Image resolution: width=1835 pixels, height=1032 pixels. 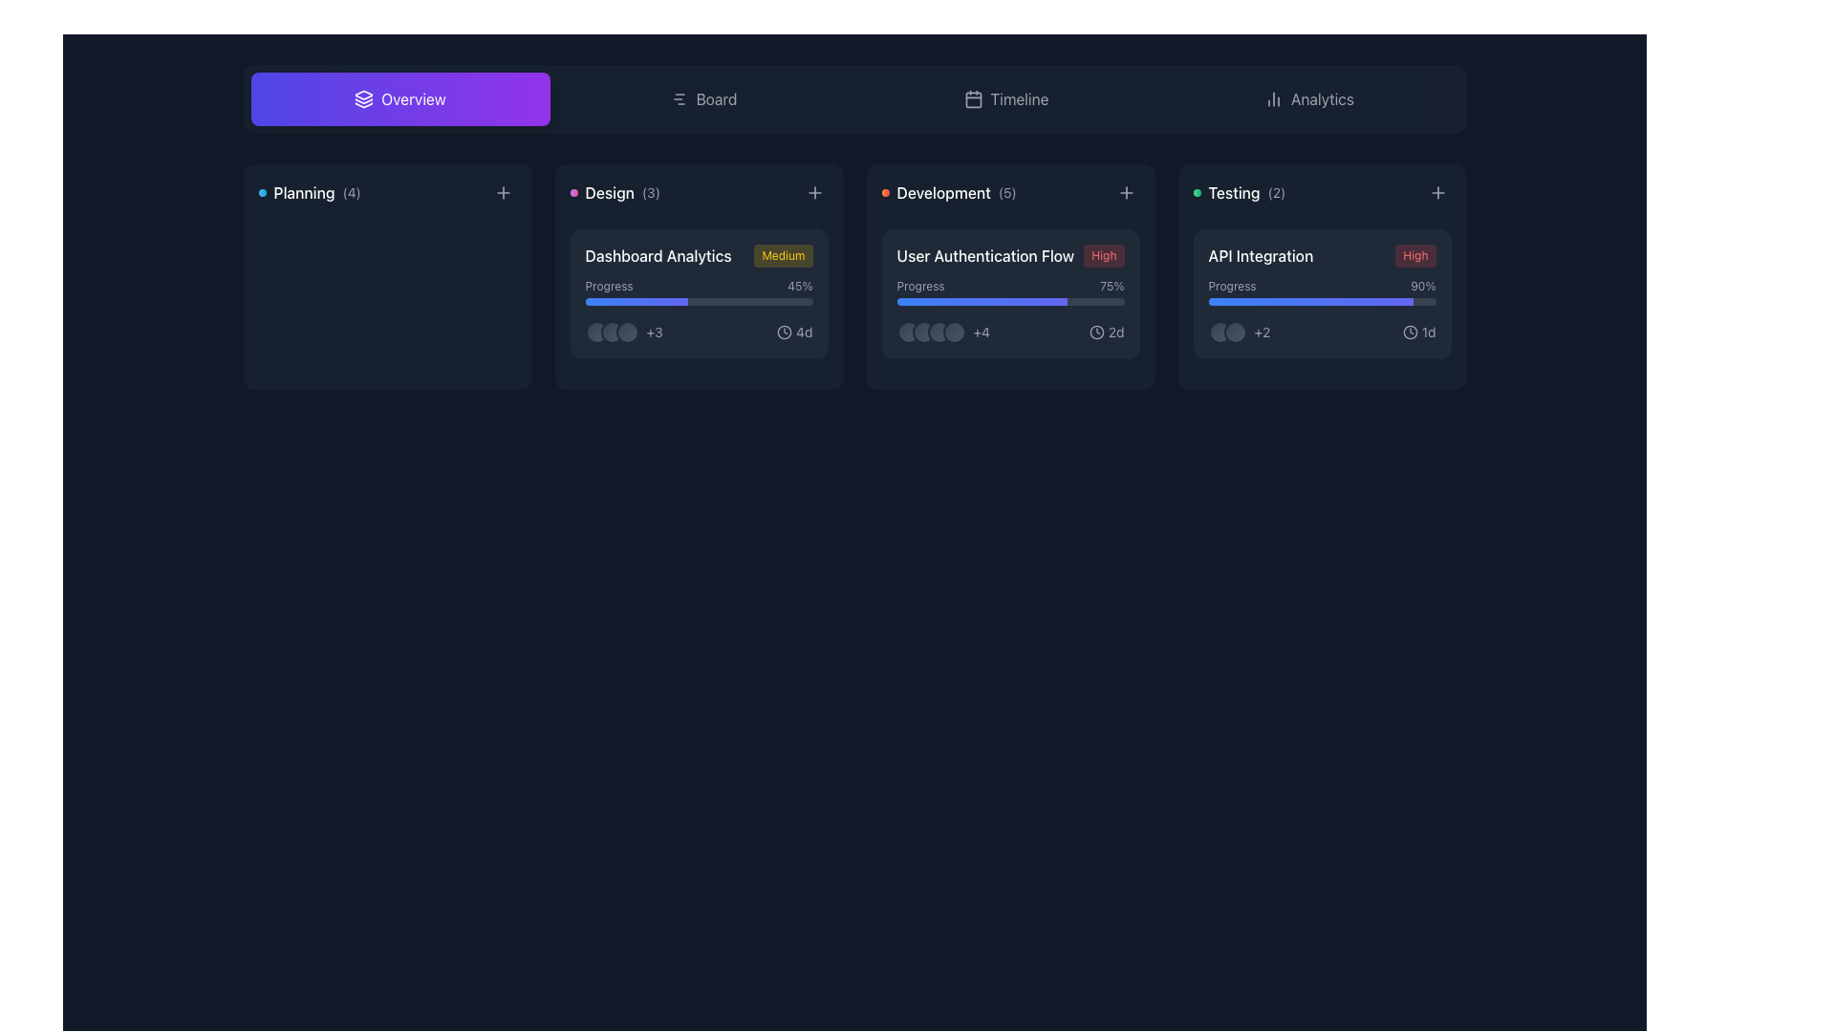 What do you see at coordinates (1276, 192) in the screenshot?
I see `the text label displaying the count '(2)' related to the 'Testing' category for accessibility inspection` at bounding box center [1276, 192].